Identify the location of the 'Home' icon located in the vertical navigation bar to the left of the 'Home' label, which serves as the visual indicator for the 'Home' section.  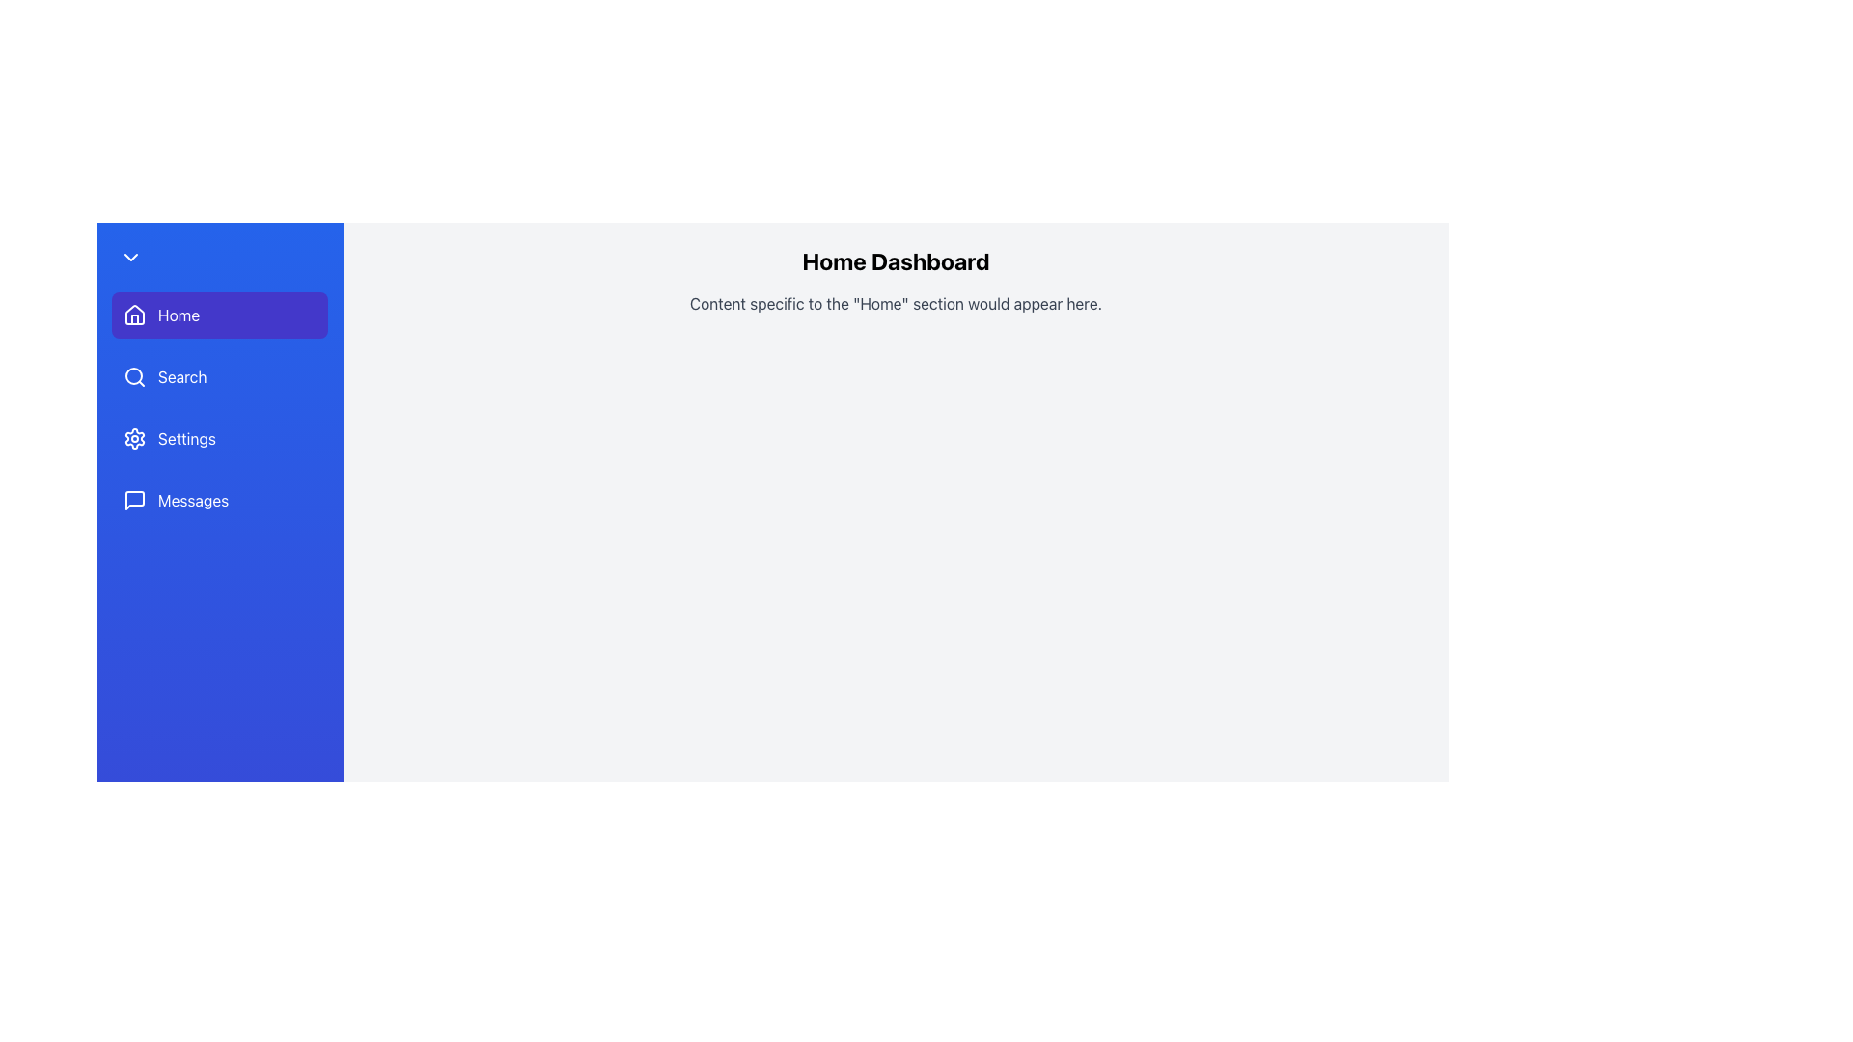
(133, 314).